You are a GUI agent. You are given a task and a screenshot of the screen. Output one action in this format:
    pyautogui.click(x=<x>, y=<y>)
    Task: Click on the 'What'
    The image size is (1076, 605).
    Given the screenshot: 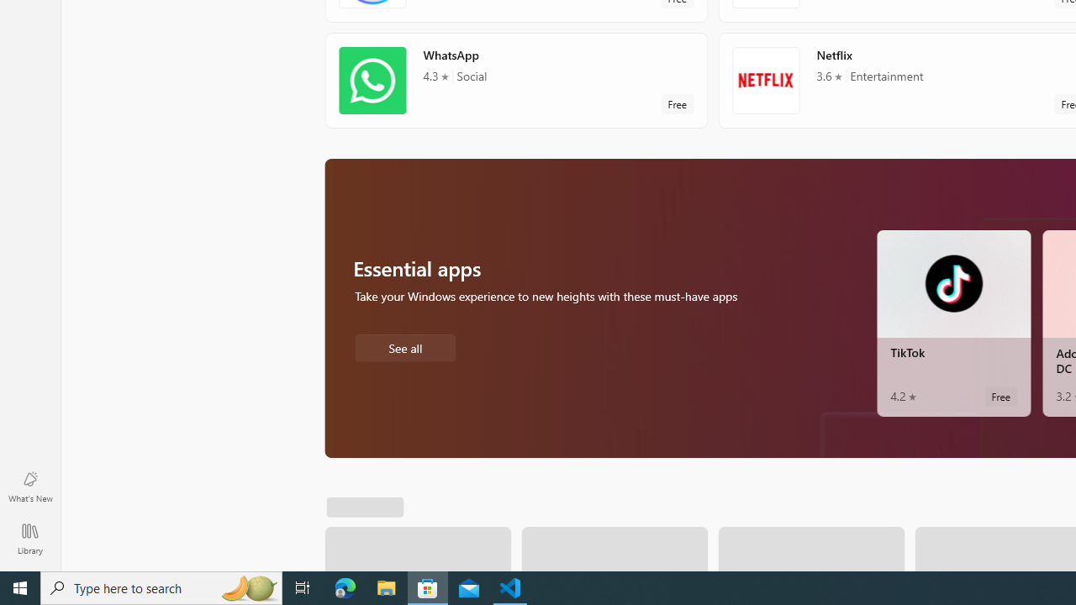 What is the action you would take?
    pyautogui.click(x=29, y=486)
    